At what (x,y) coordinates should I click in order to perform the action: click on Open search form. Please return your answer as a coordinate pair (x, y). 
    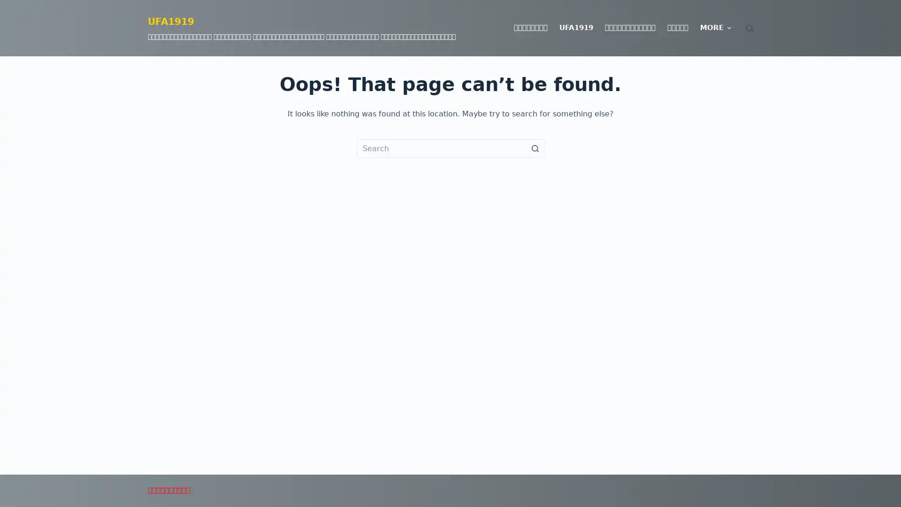
    Looking at the image, I should click on (749, 27).